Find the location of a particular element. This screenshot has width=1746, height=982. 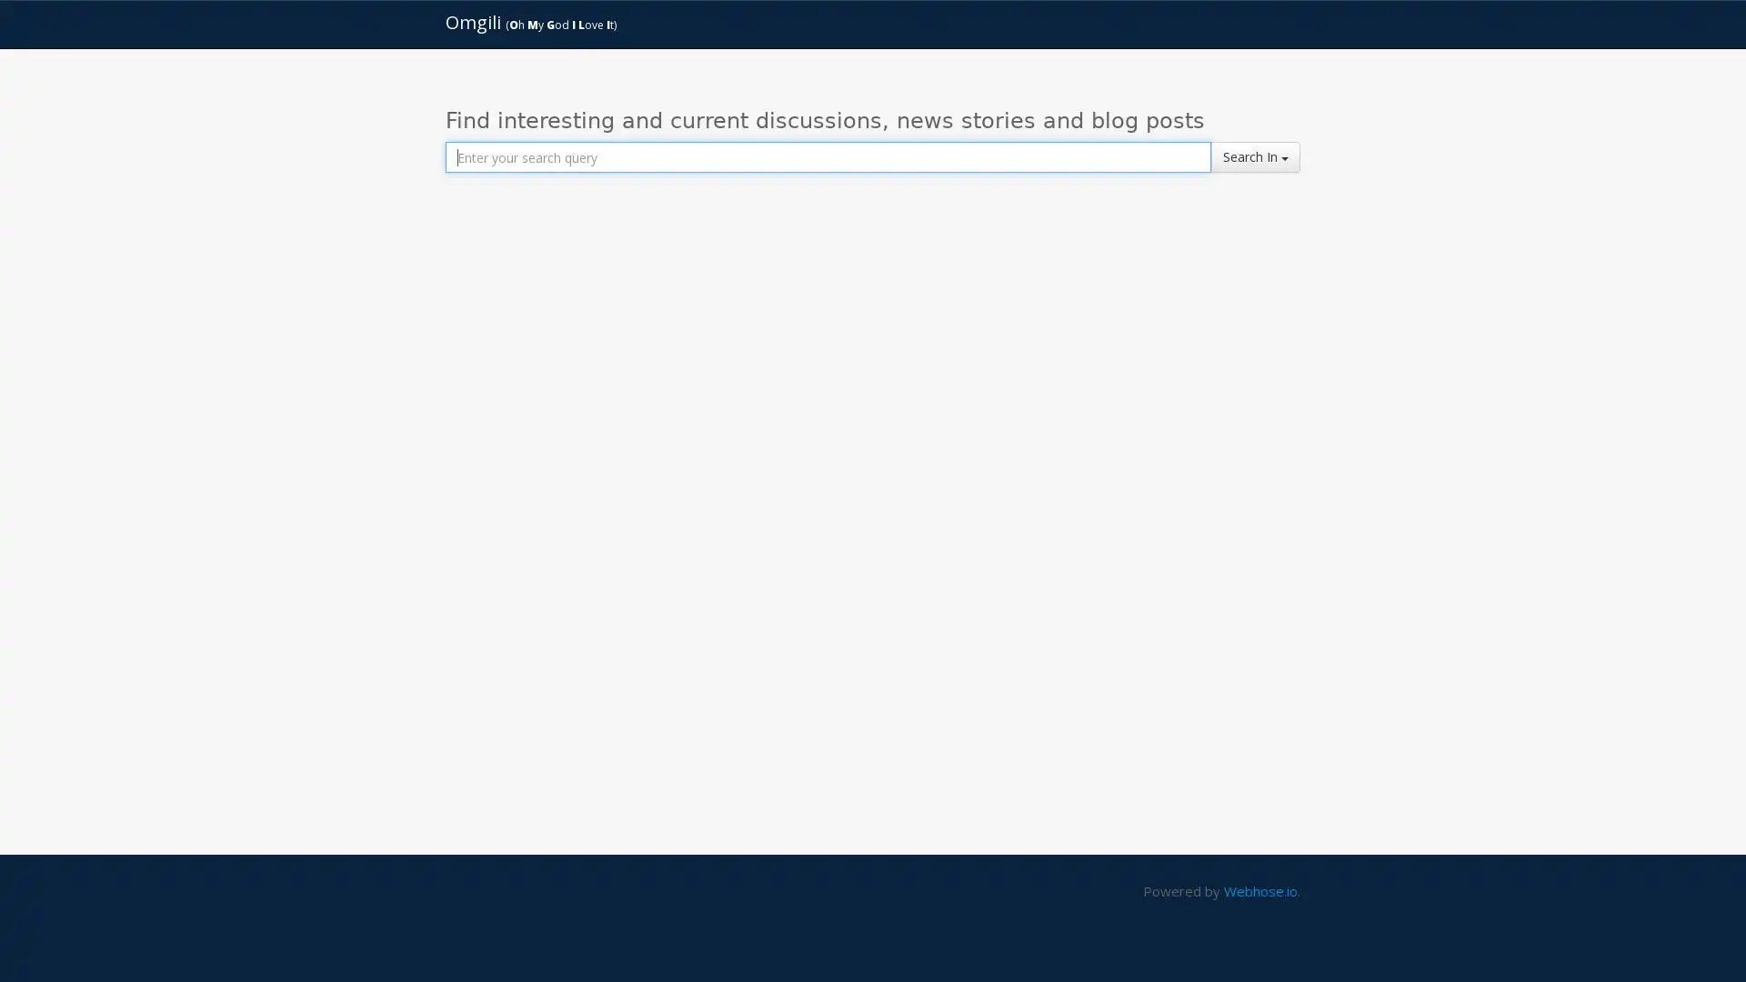

Search In is located at coordinates (1255, 156).